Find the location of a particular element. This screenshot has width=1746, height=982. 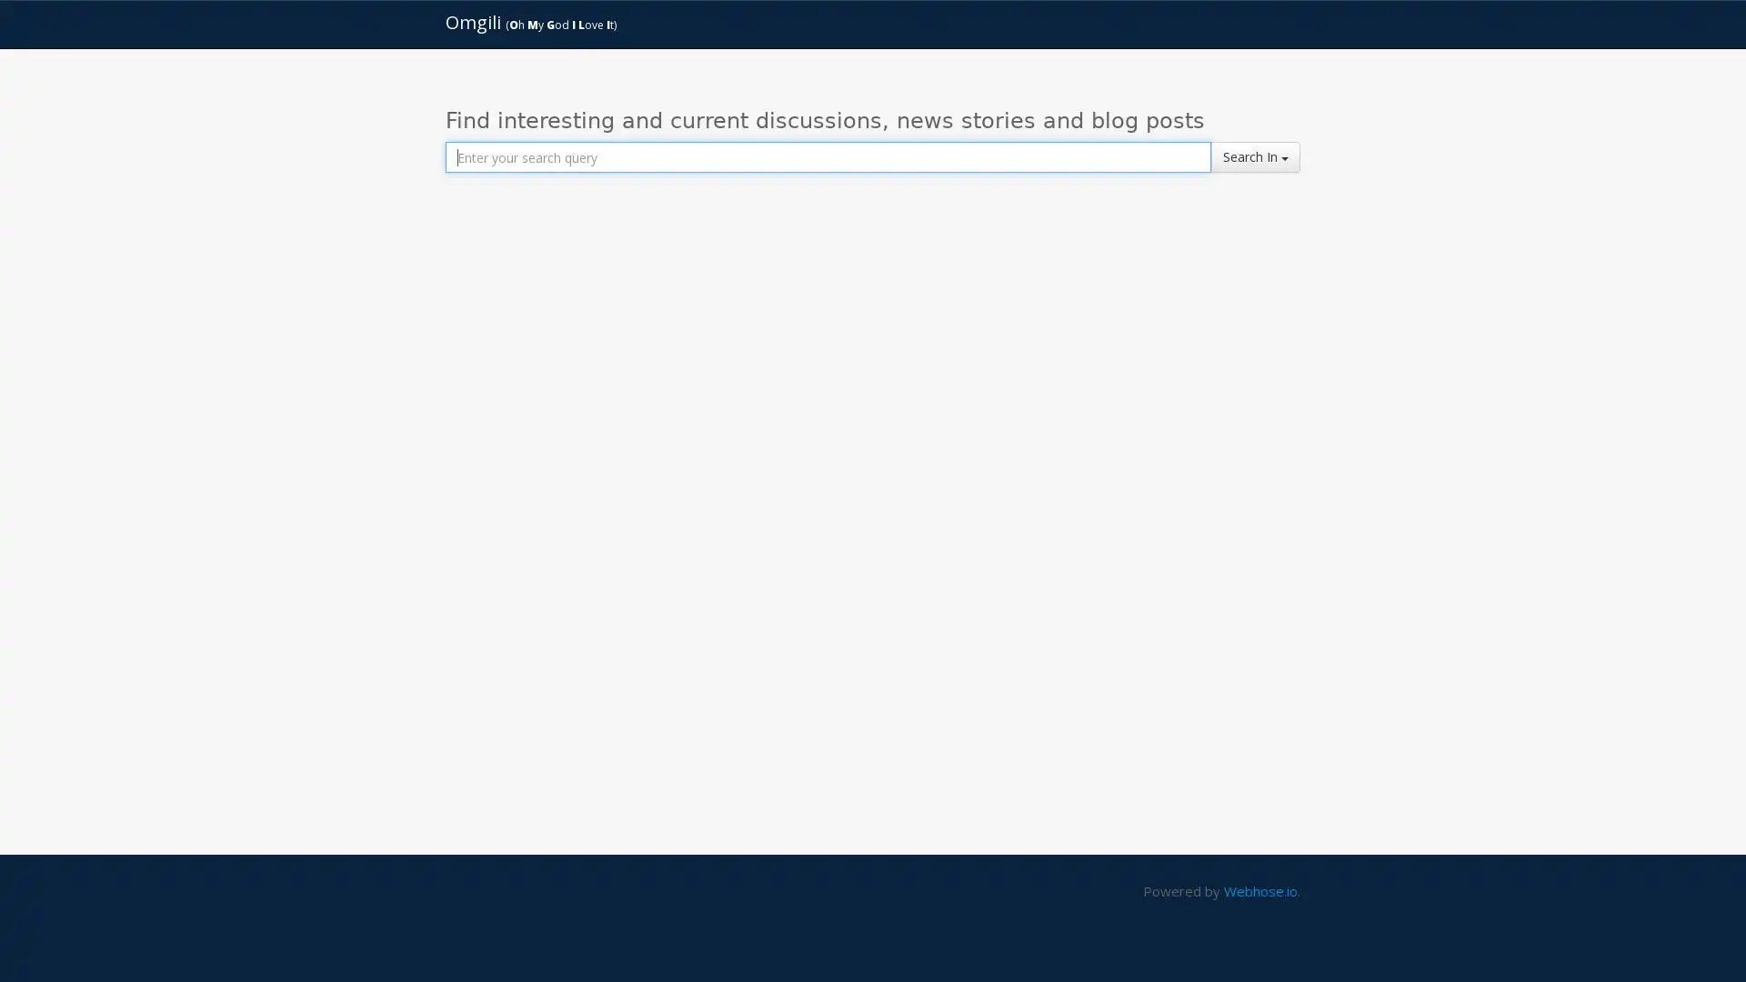

Search In is located at coordinates (1255, 156).